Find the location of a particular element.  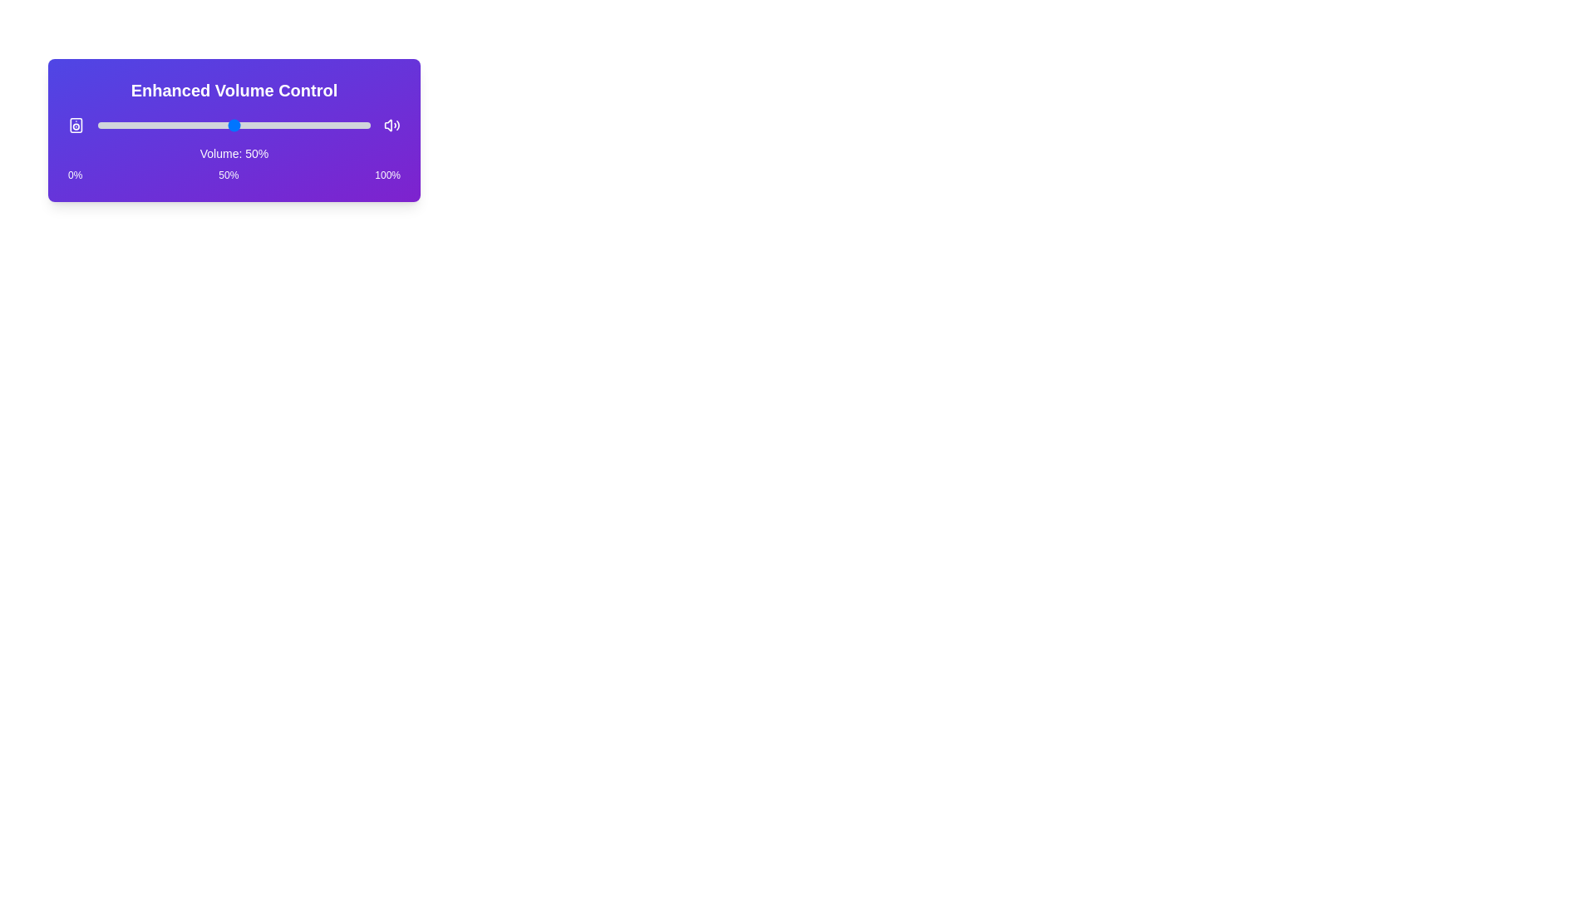

the volume slider to set the volume to 15% is located at coordinates (139, 124).